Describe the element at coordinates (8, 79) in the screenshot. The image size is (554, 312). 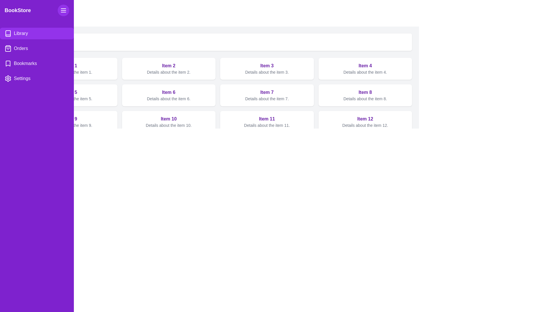
I see `the 'Settings' icon located in the left-hand sidebar, which visually represents the 'Settings' option` at that location.